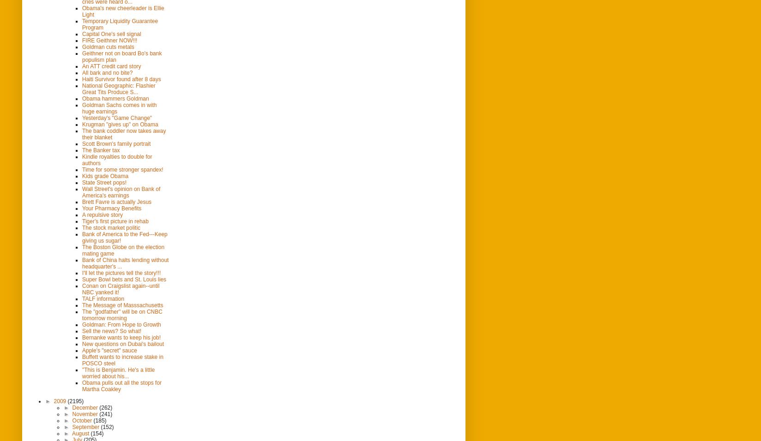 The width and height of the screenshot is (761, 441). What do you see at coordinates (118, 372) in the screenshot?
I see `'"This is Benjamin. He's a little worried about his...'` at bounding box center [118, 372].